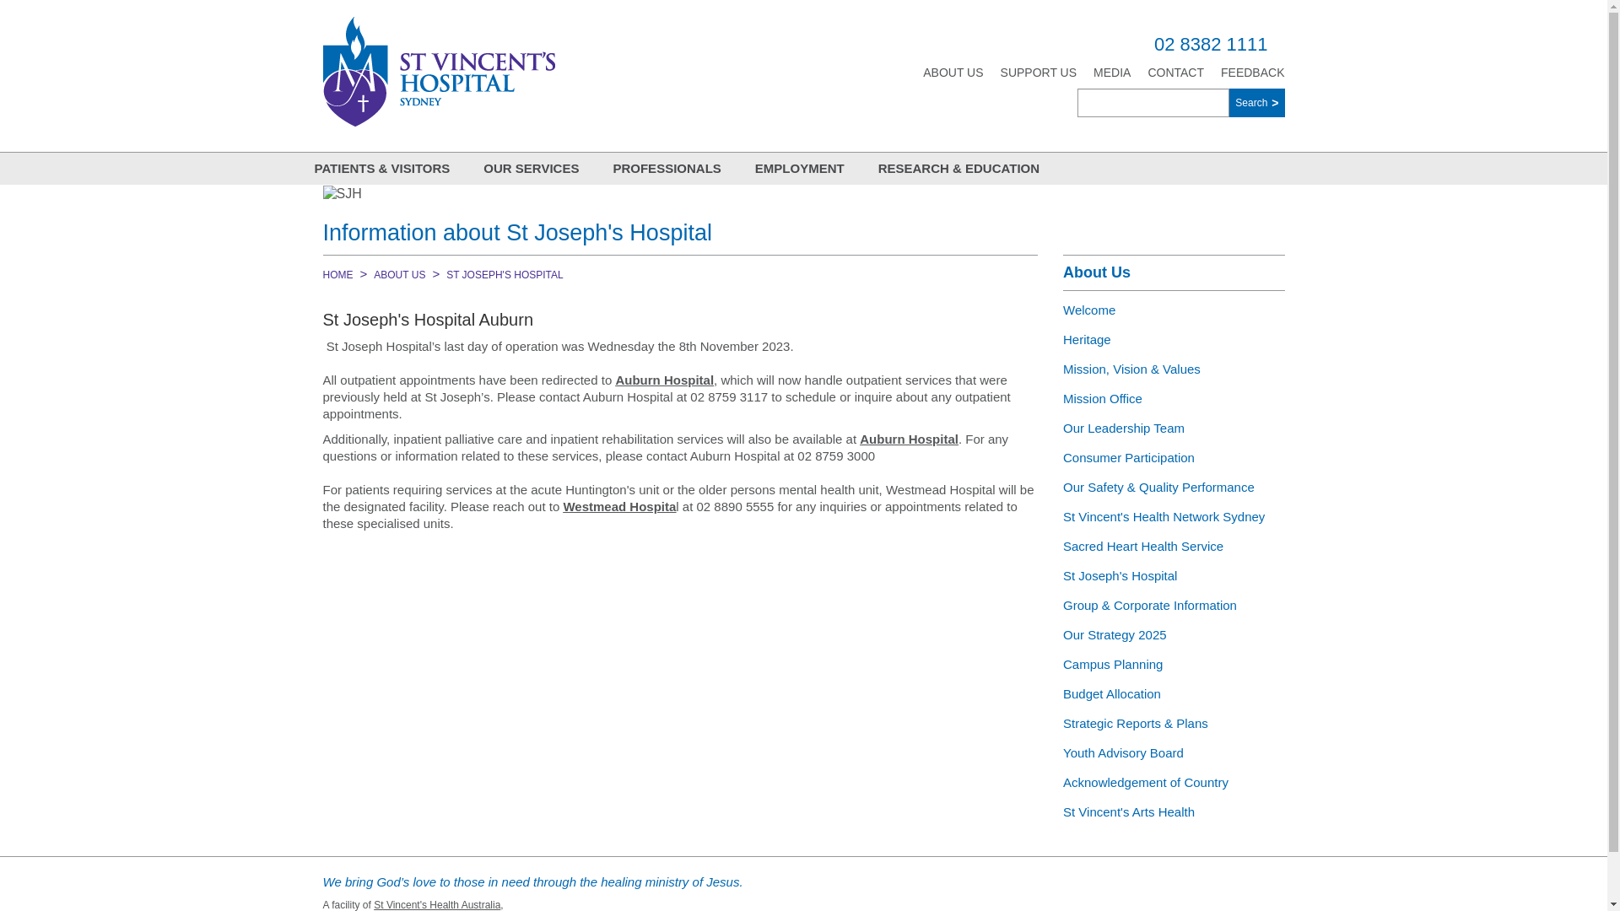 This screenshot has height=911, width=1620. Describe the element at coordinates (337, 274) in the screenshot. I see `'HOME'` at that location.